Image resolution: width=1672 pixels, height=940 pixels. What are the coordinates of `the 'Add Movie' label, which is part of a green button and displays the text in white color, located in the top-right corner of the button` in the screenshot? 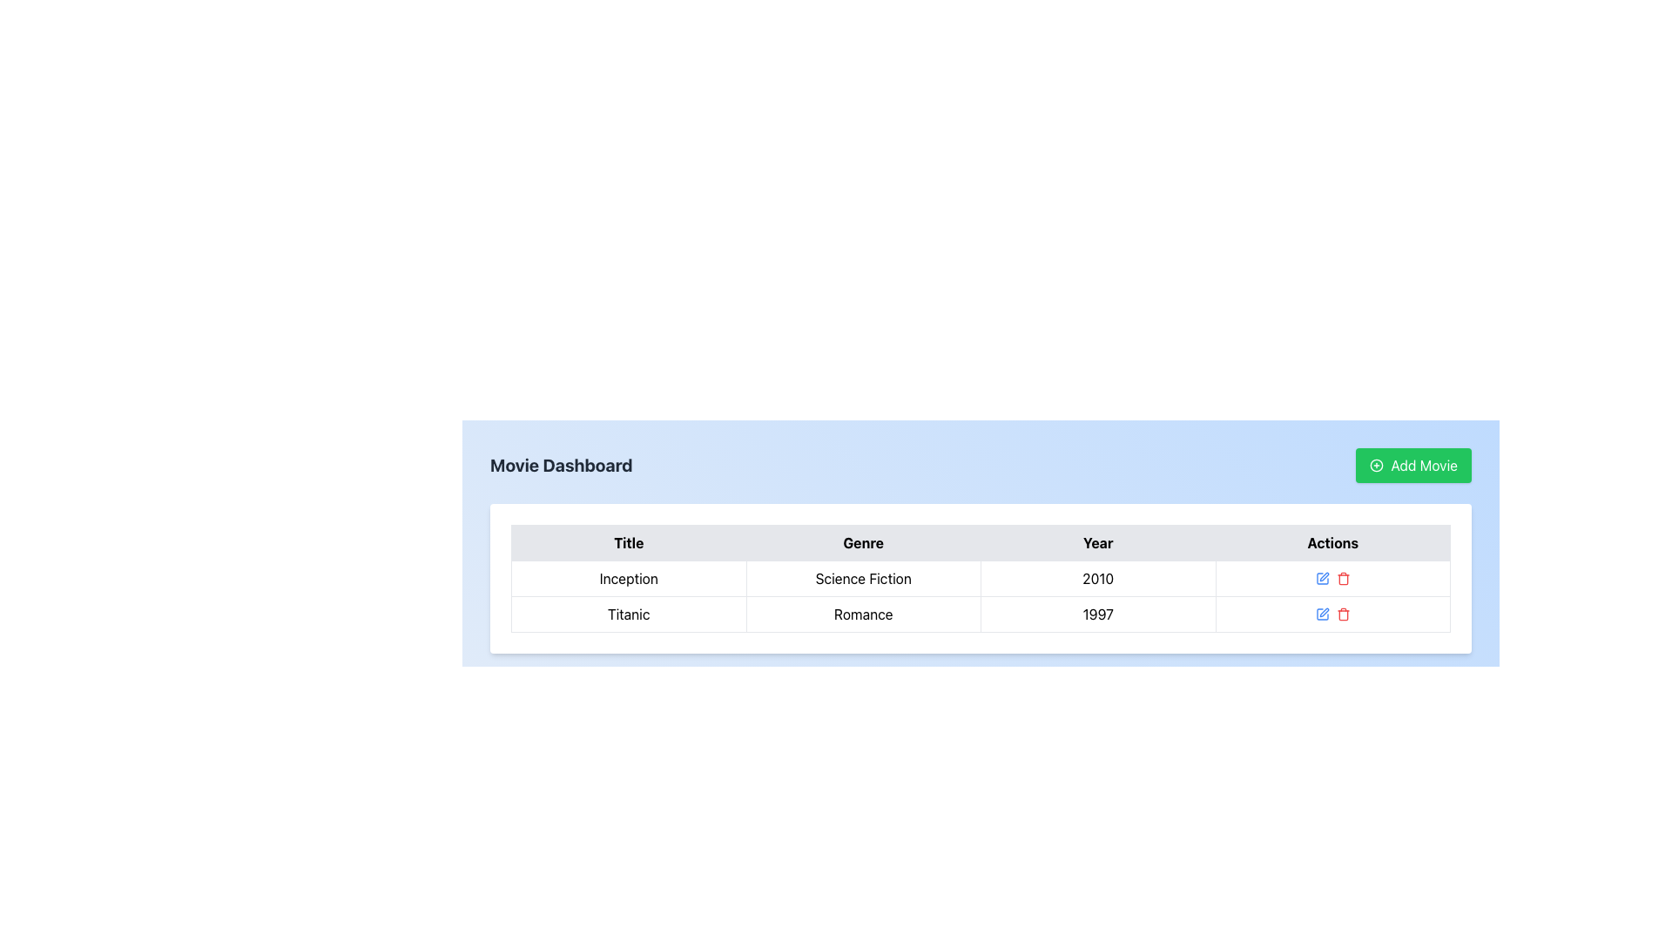 It's located at (1424, 465).